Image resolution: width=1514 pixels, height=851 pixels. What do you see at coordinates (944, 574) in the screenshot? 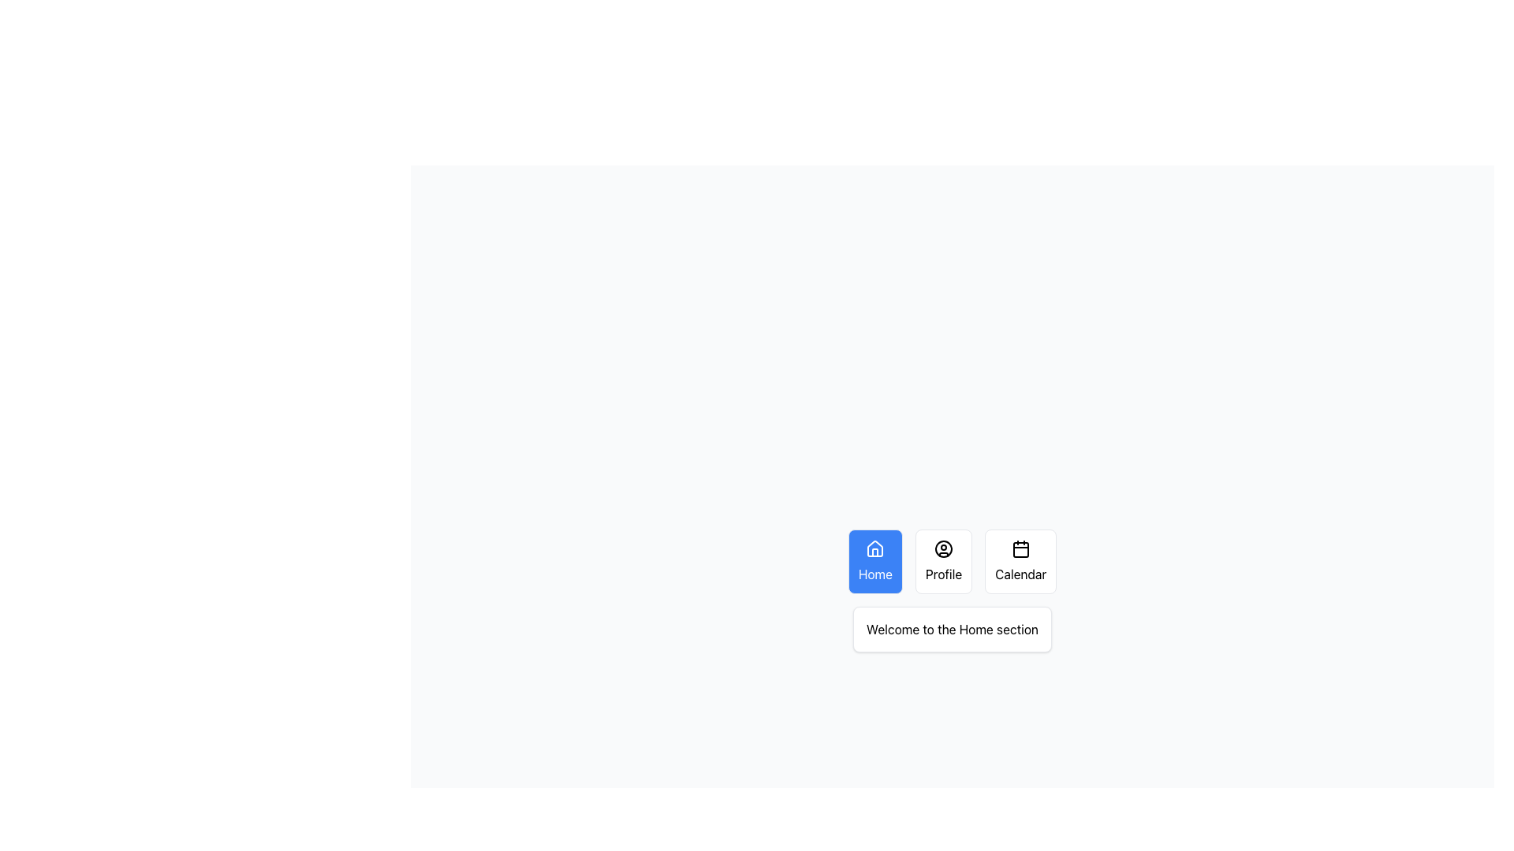
I see `the 'Profile' text label, which is located below a user profile icon in the second interactive panel, aligned horizontally with 'Home' and 'Calendar'` at bounding box center [944, 574].